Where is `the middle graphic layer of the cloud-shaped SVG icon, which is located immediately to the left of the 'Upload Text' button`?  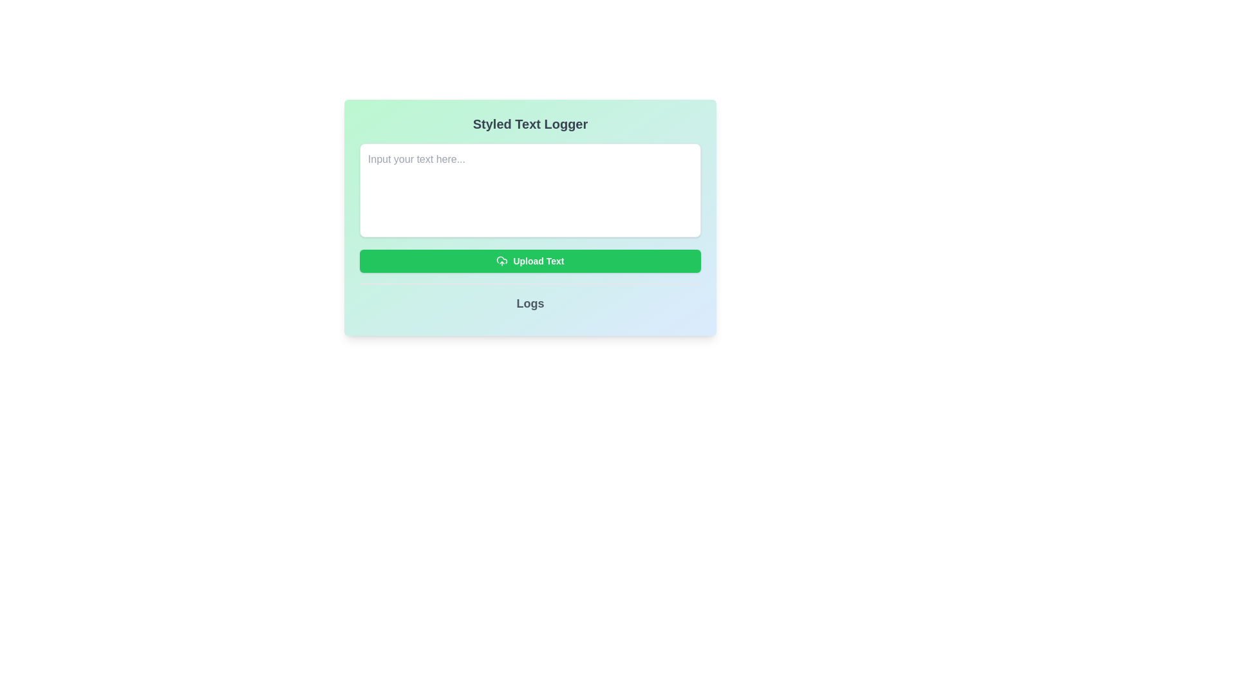
the middle graphic layer of the cloud-shaped SVG icon, which is located immediately to the left of the 'Upload Text' button is located at coordinates (501, 260).